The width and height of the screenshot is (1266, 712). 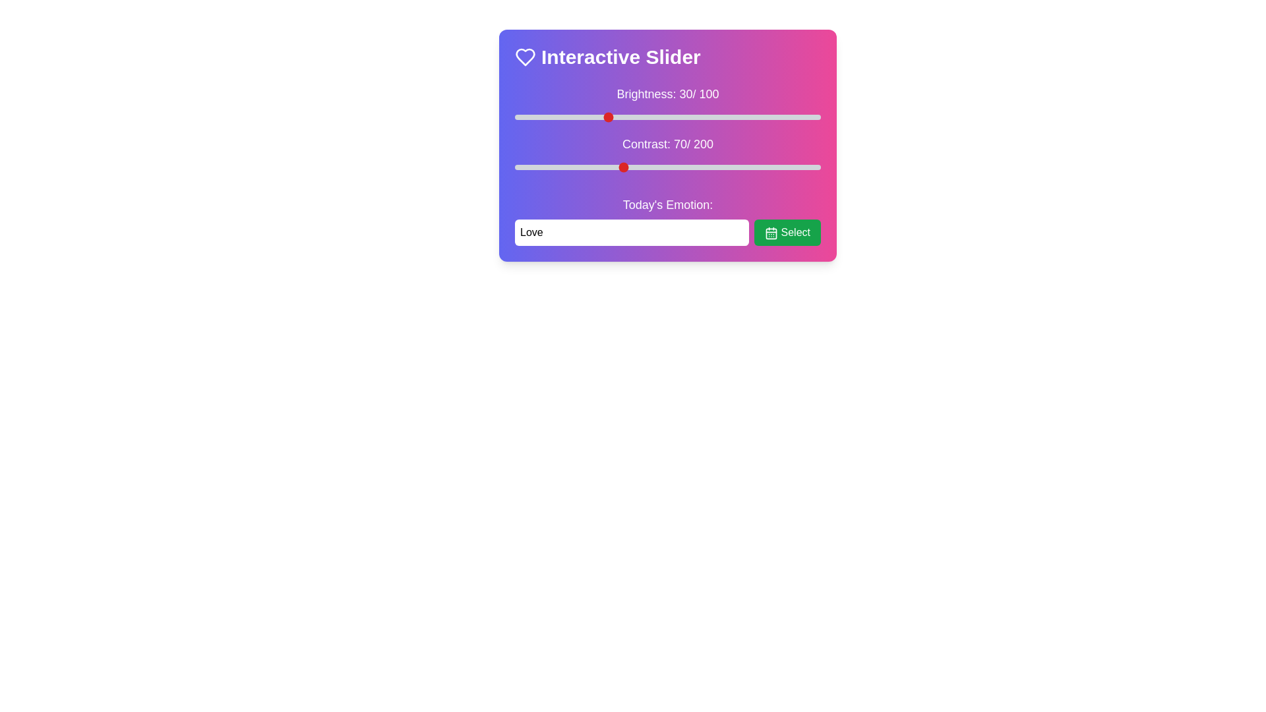 I want to click on the interactive element Contrast Slider, so click(x=667, y=167).